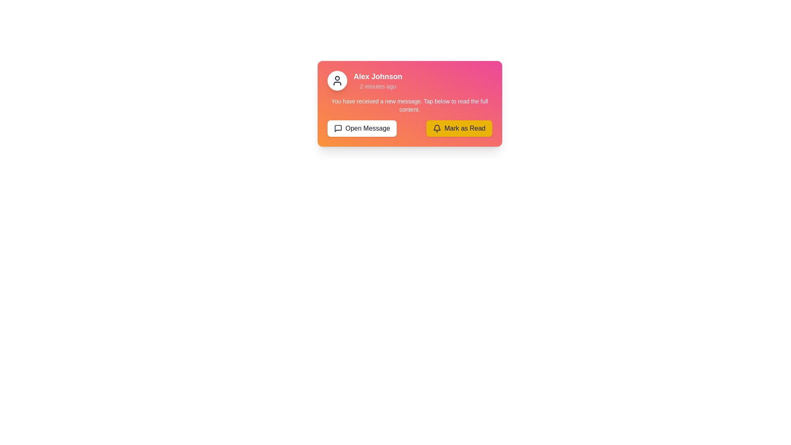 This screenshot has width=791, height=445. I want to click on the button (Text and Icon) that opens the associated message, located on the left side of the 'Mark as Read' button at the lower section of the notification card, so click(367, 129).